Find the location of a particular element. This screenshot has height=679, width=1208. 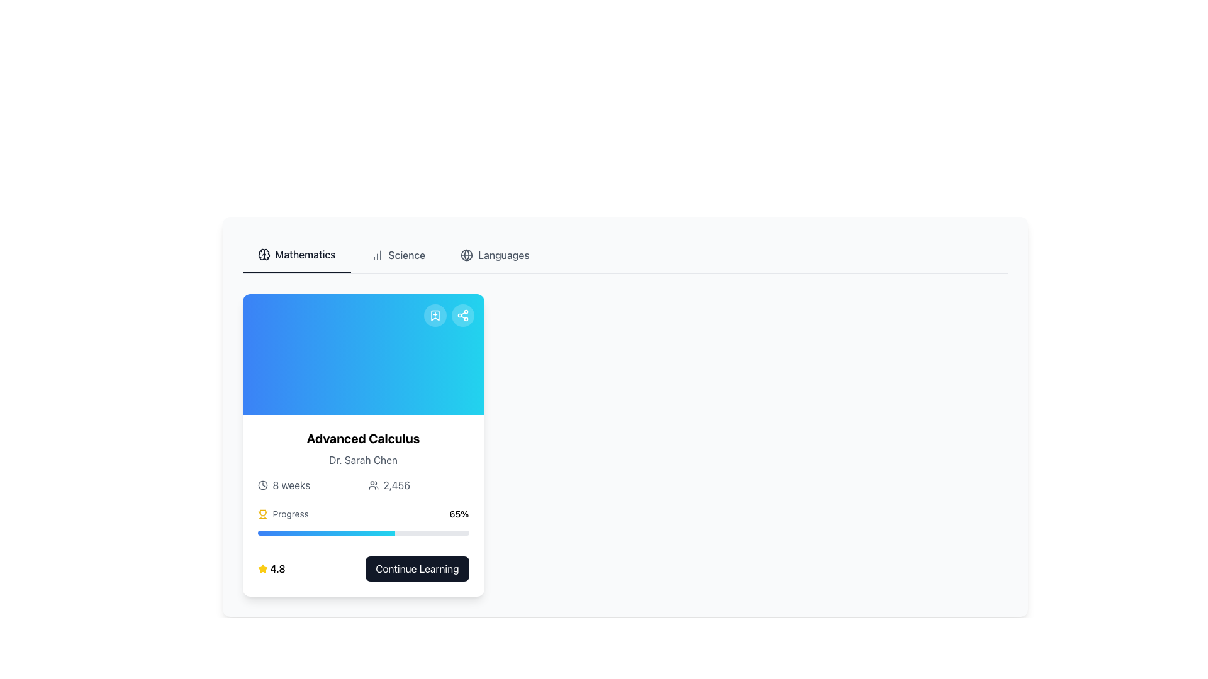

the share button located in the top-right corner of the 'Advanced Calculus' card is located at coordinates (462, 314).